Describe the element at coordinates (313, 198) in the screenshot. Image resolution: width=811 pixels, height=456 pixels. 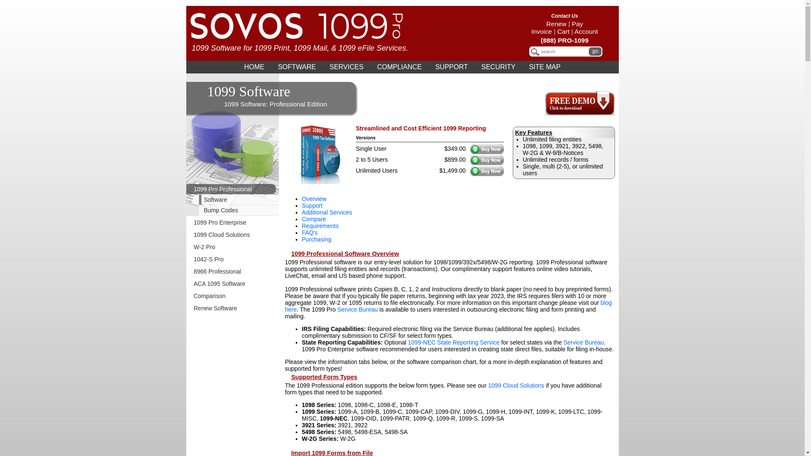
I see `'Overview'` at that location.